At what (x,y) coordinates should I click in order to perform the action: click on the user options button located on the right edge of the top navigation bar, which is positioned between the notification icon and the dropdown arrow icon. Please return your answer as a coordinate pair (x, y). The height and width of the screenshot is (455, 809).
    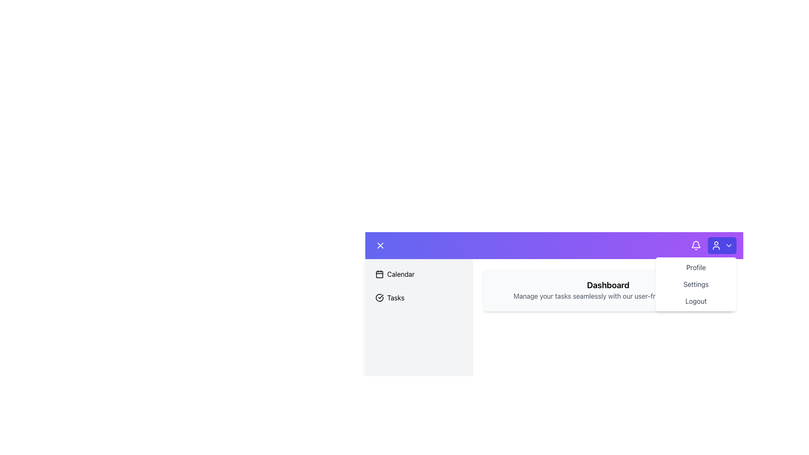
    Looking at the image, I should click on (713, 245).